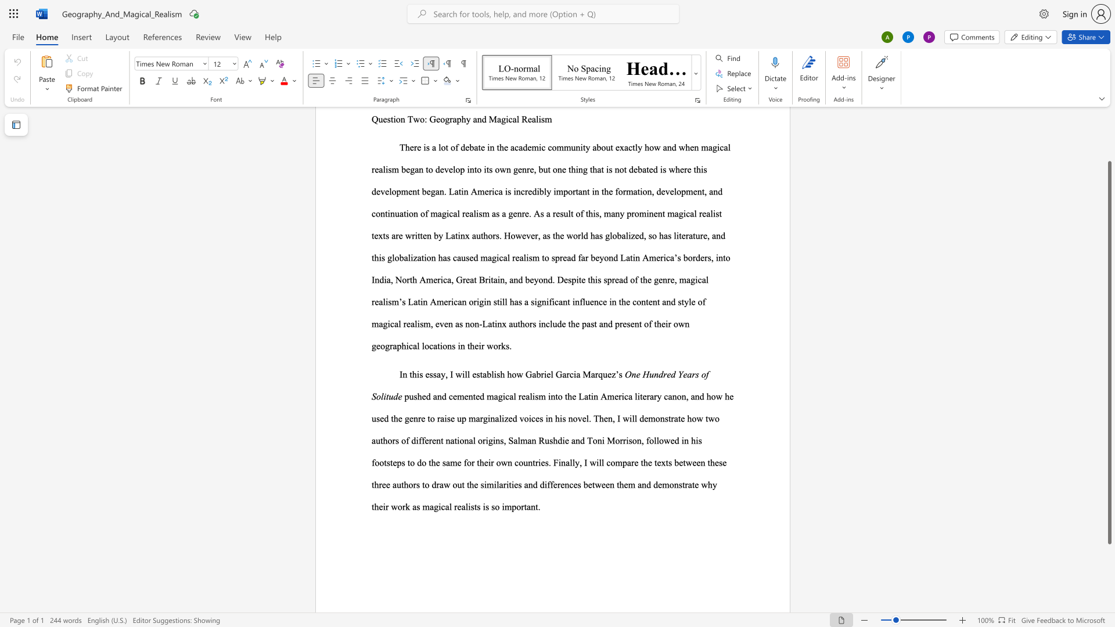 The image size is (1115, 627). I want to click on the scrollbar on the right to move the page upward, so click(1109, 138).